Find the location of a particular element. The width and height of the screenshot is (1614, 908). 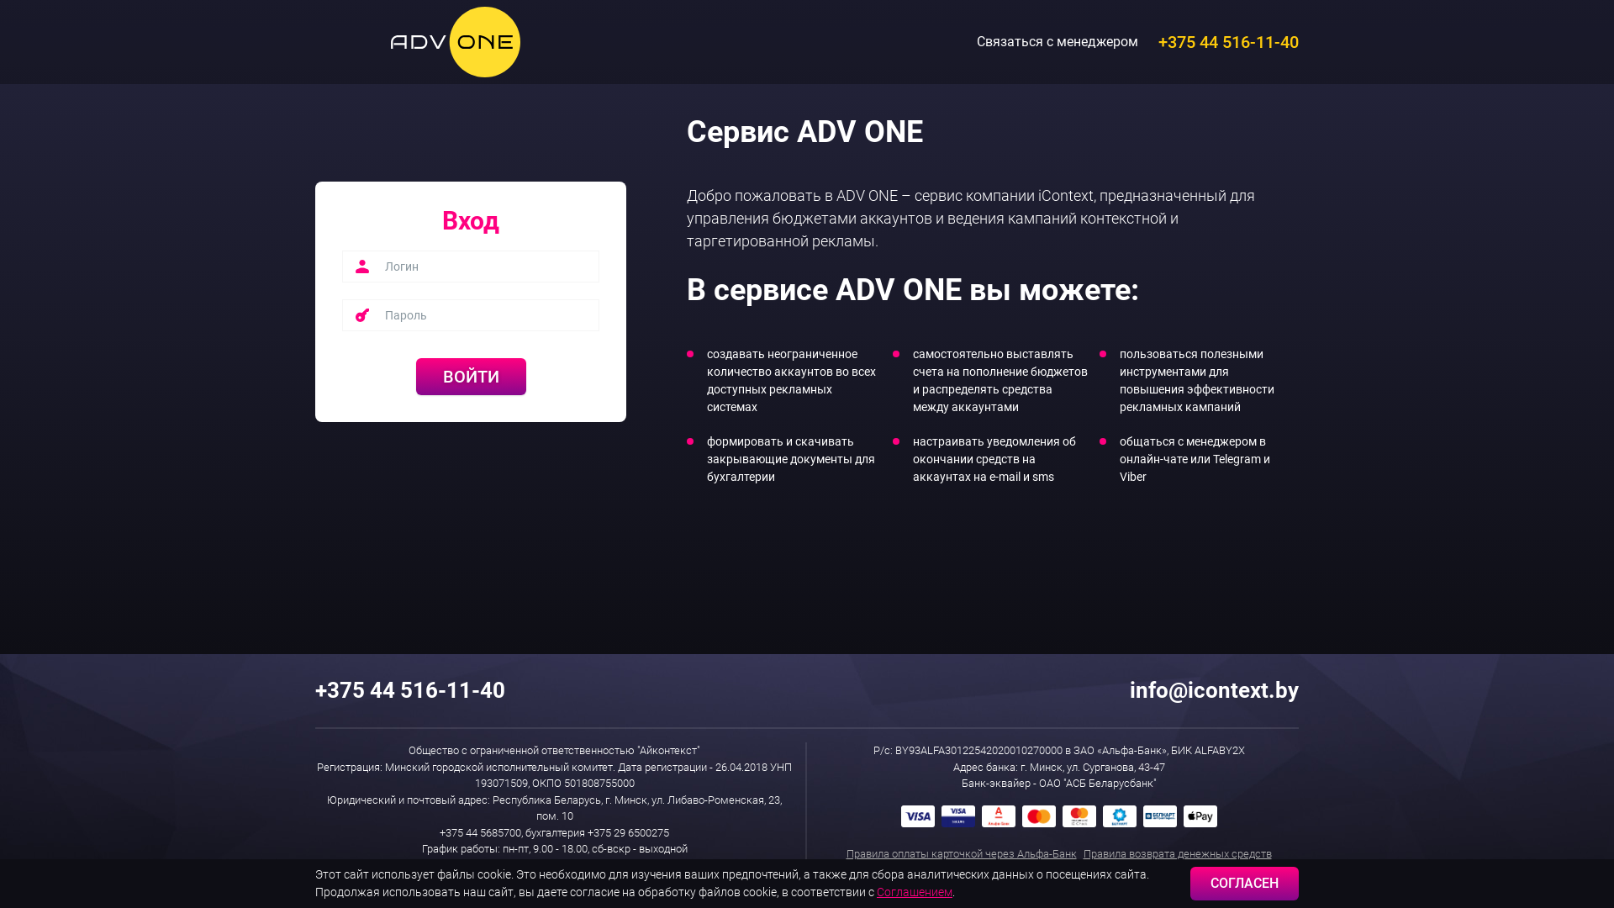

'+375 44 516-11-40' is located at coordinates (1226, 41).